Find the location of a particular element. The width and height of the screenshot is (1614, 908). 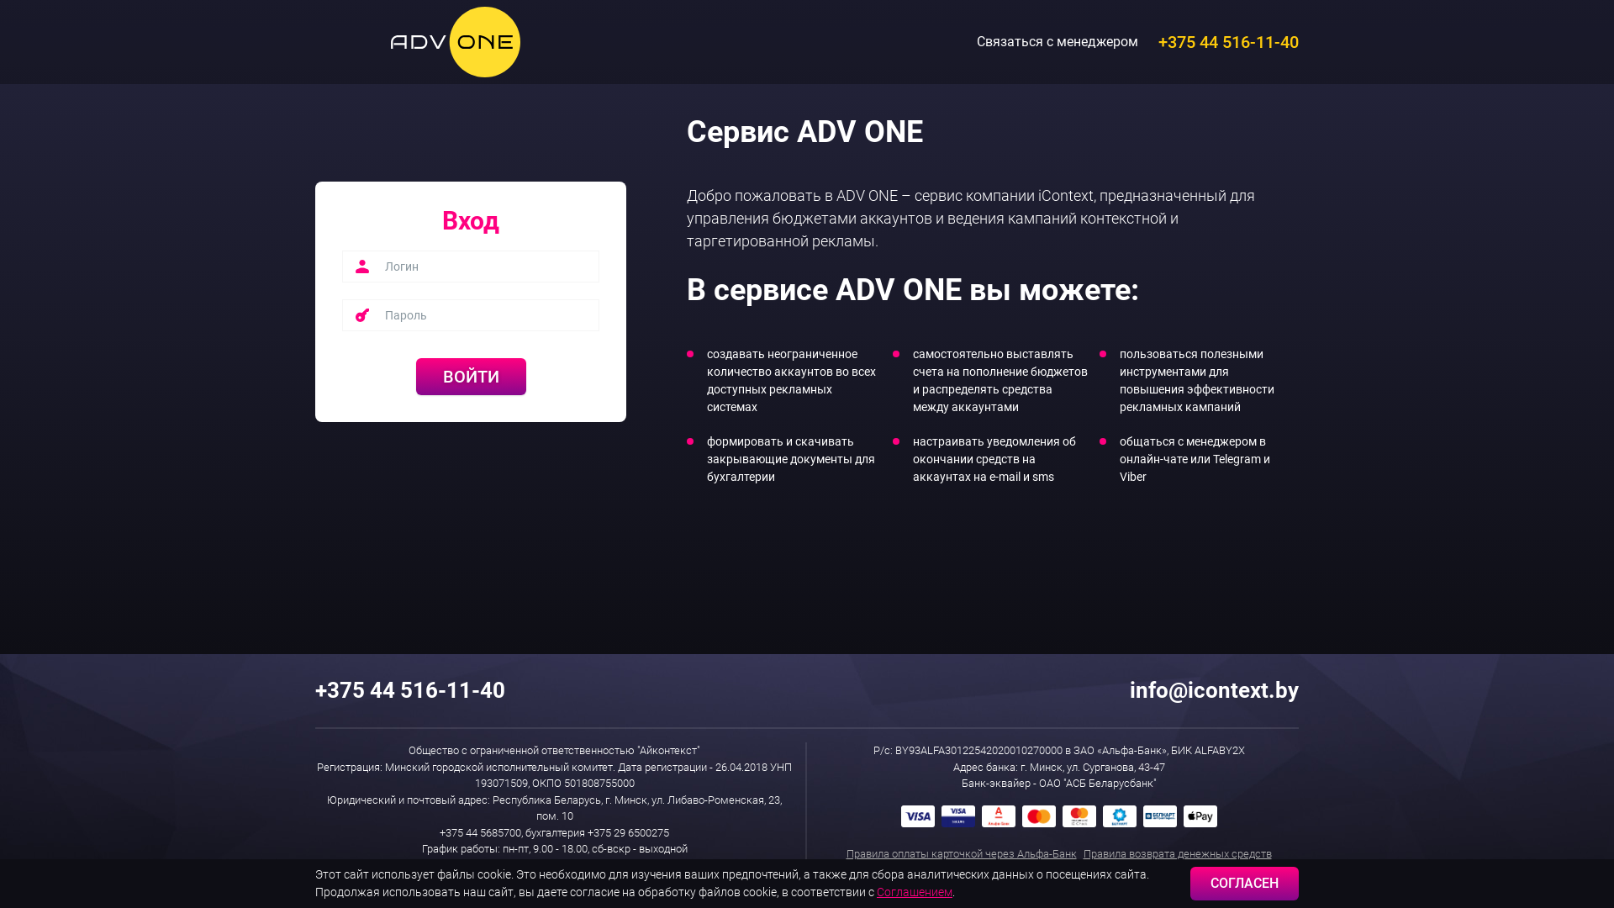

'+375 44 516-11-40' is located at coordinates (1226, 41).